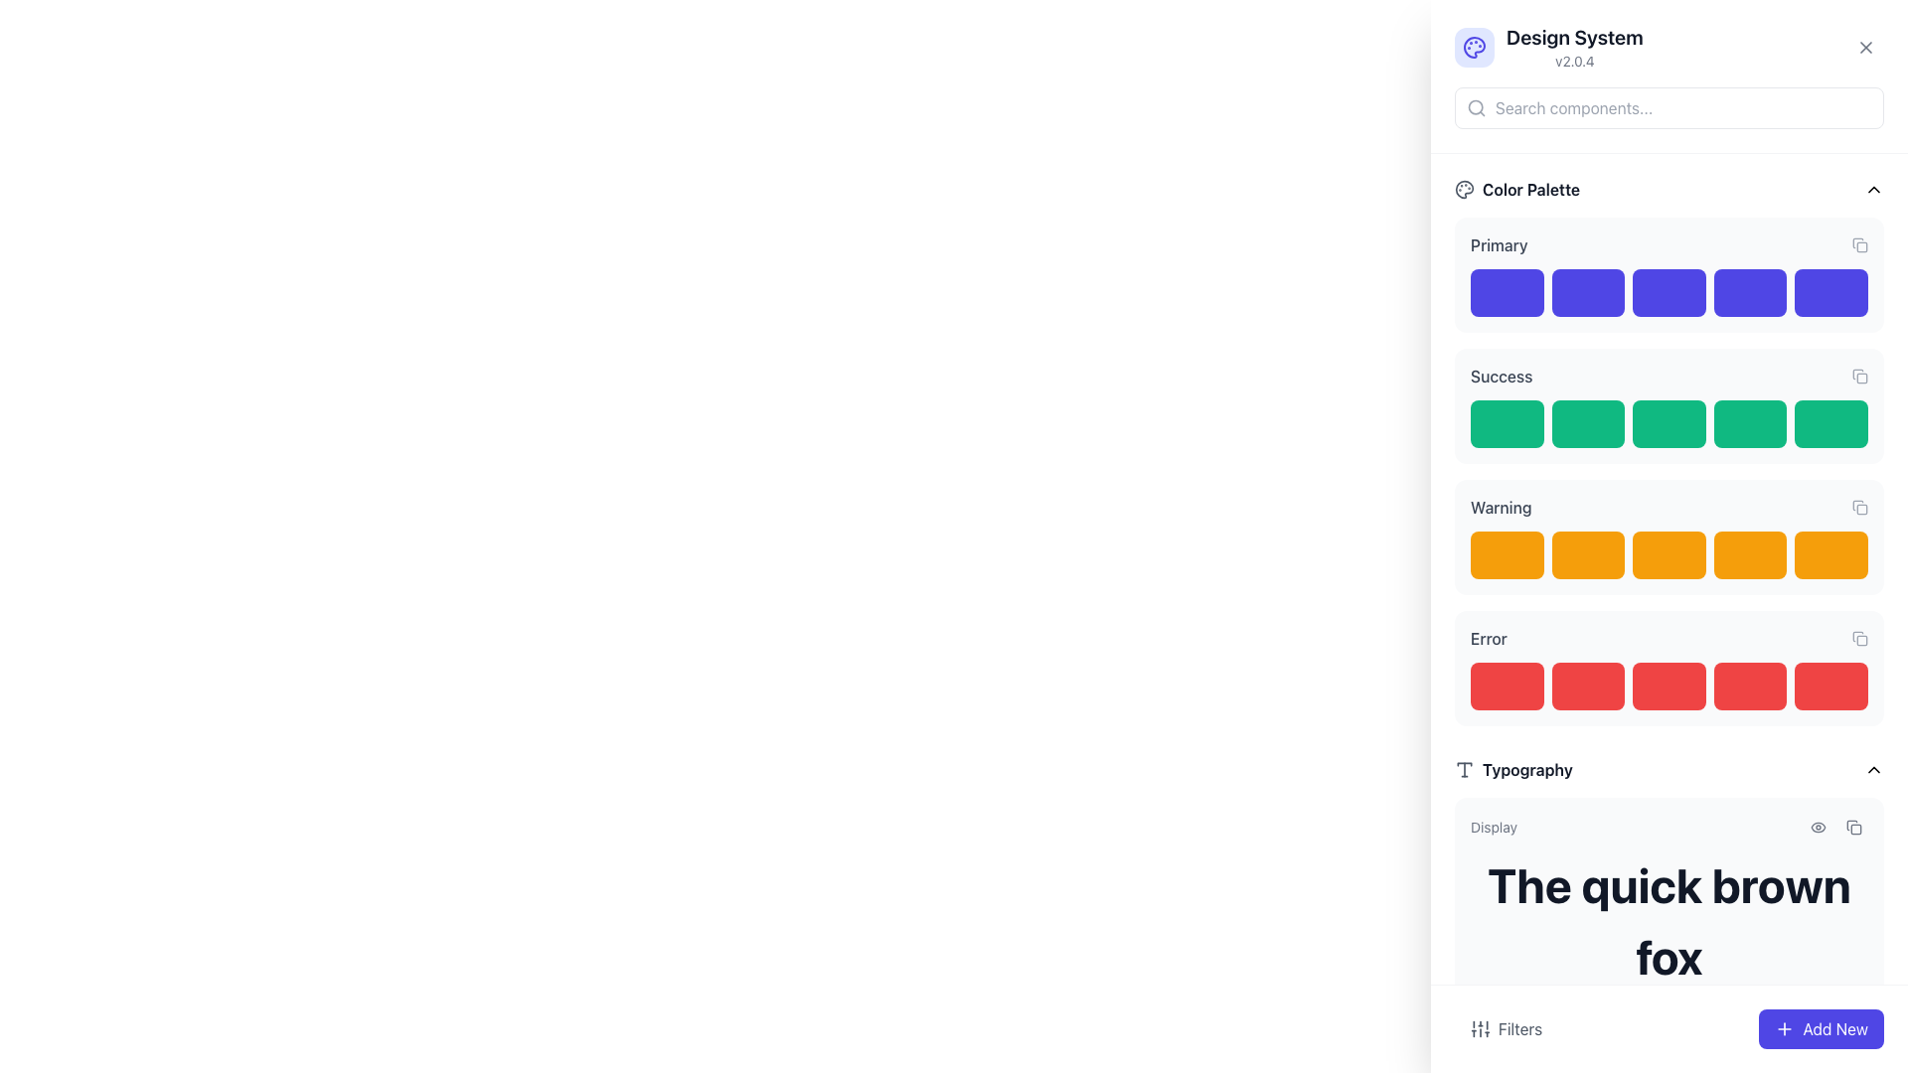 The image size is (1908, 1073). I want to click on the small interactive button with rounded corners that has a copy icon, located to the right of the sibling button in the top-right section of the interface, so click(1853, 828).